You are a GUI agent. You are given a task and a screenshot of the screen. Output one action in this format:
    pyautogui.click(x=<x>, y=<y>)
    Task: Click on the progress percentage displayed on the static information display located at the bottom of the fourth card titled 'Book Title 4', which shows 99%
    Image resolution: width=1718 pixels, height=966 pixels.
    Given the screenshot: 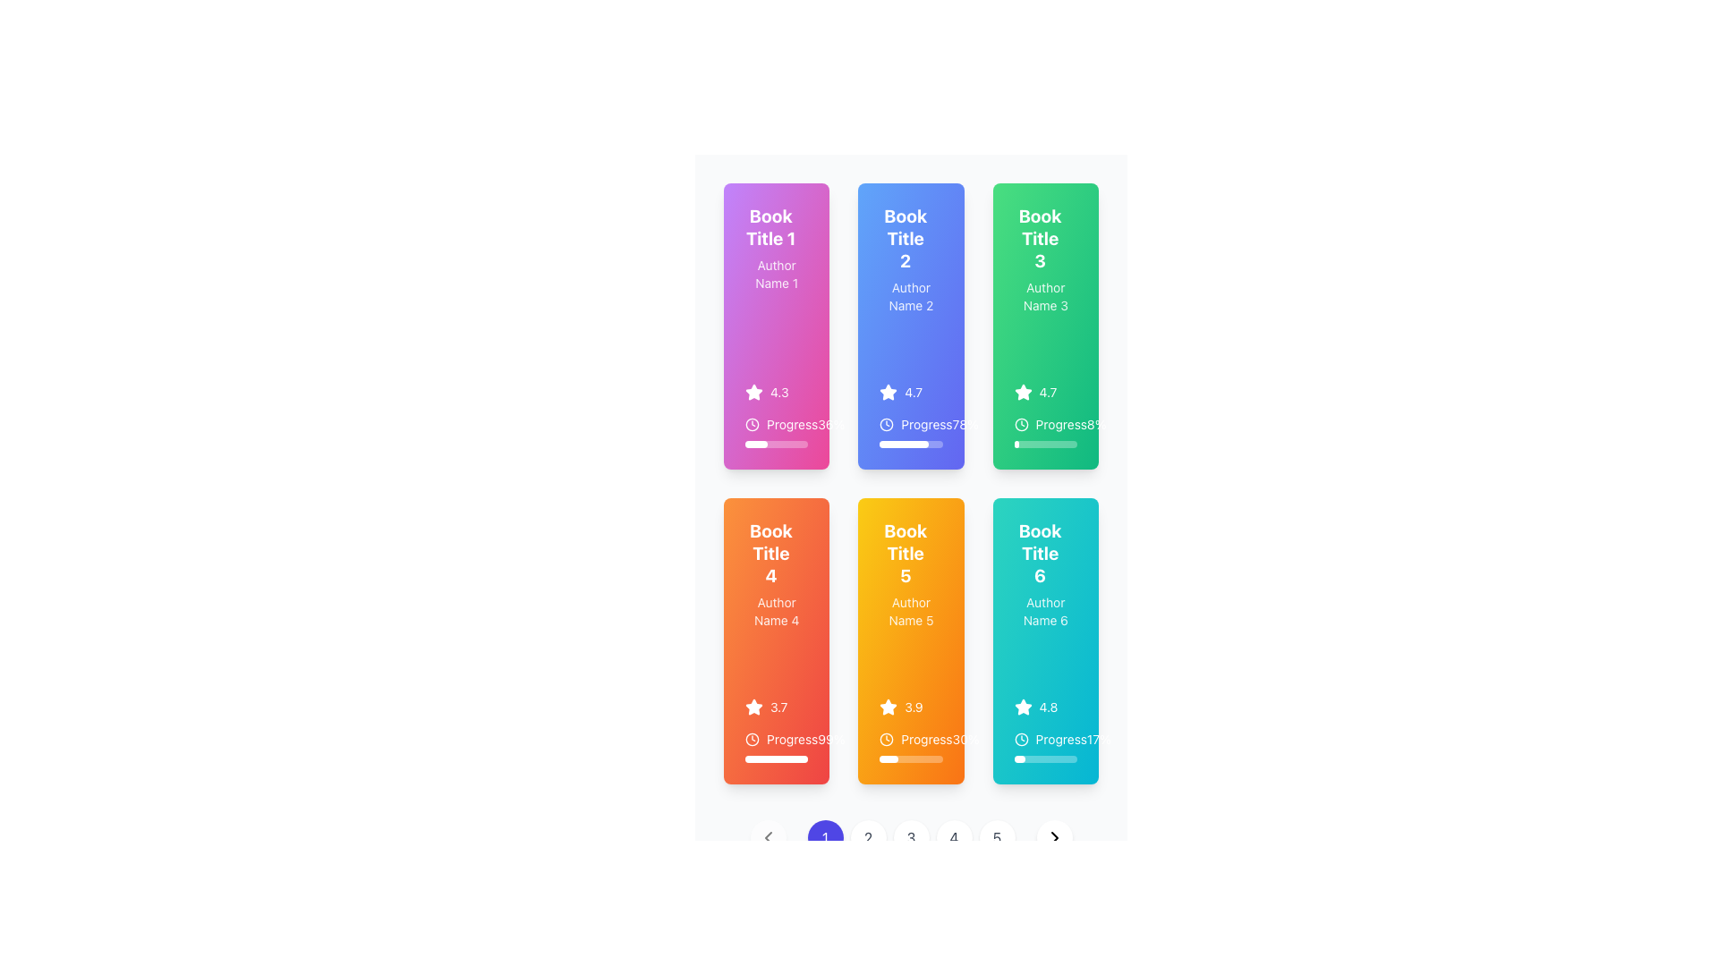 What is the action you would take?
    pyautogui.click(x=777, y=739)
    